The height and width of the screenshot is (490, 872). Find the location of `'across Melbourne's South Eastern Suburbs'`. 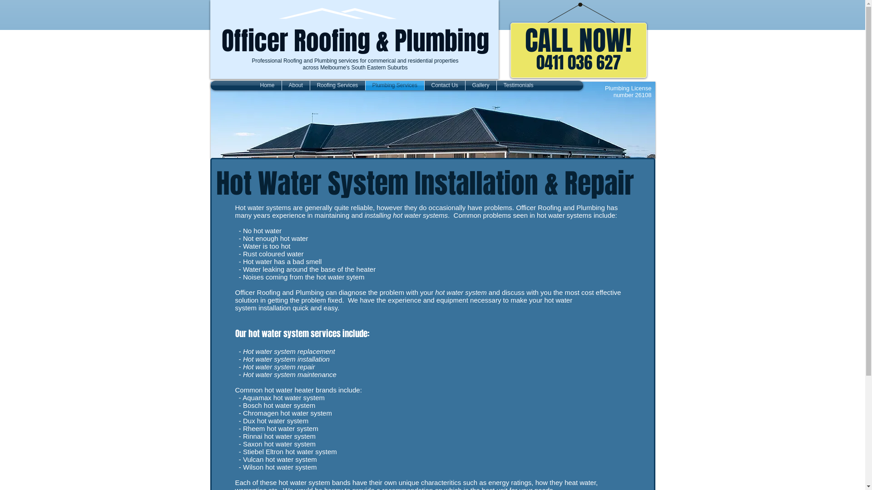

'across Melbourne's South Eastern Suburbs' is located at coordinates (354, 67).